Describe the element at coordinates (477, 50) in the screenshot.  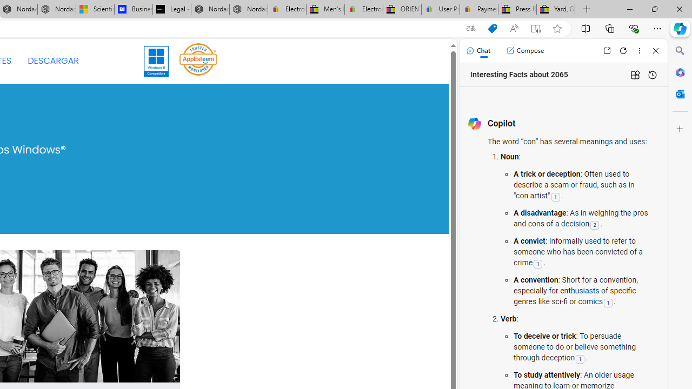
I see `'Chat'` at that location.